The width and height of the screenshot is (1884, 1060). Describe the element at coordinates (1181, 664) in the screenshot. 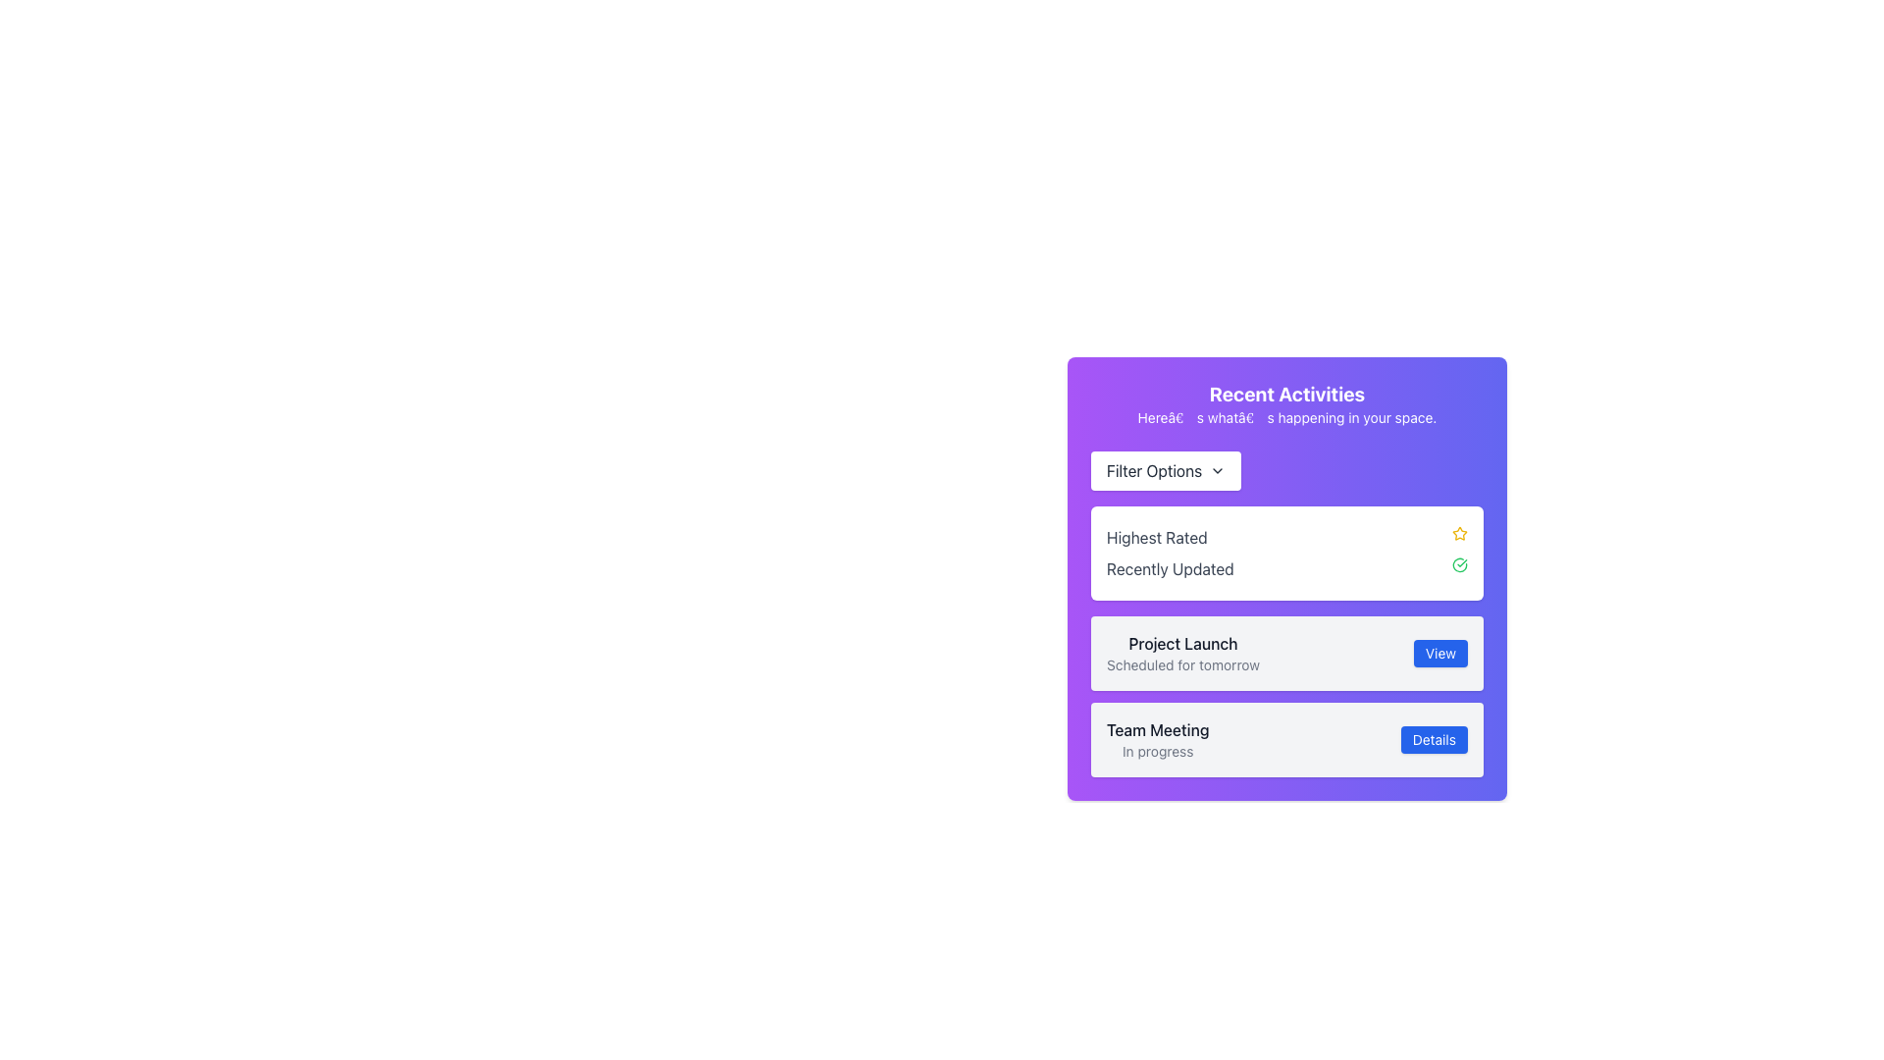

I see `the text label that says 'Scheduled for tomorrow', located beneath 'Project Launch' in the 'Recent Activities' section` at that location.